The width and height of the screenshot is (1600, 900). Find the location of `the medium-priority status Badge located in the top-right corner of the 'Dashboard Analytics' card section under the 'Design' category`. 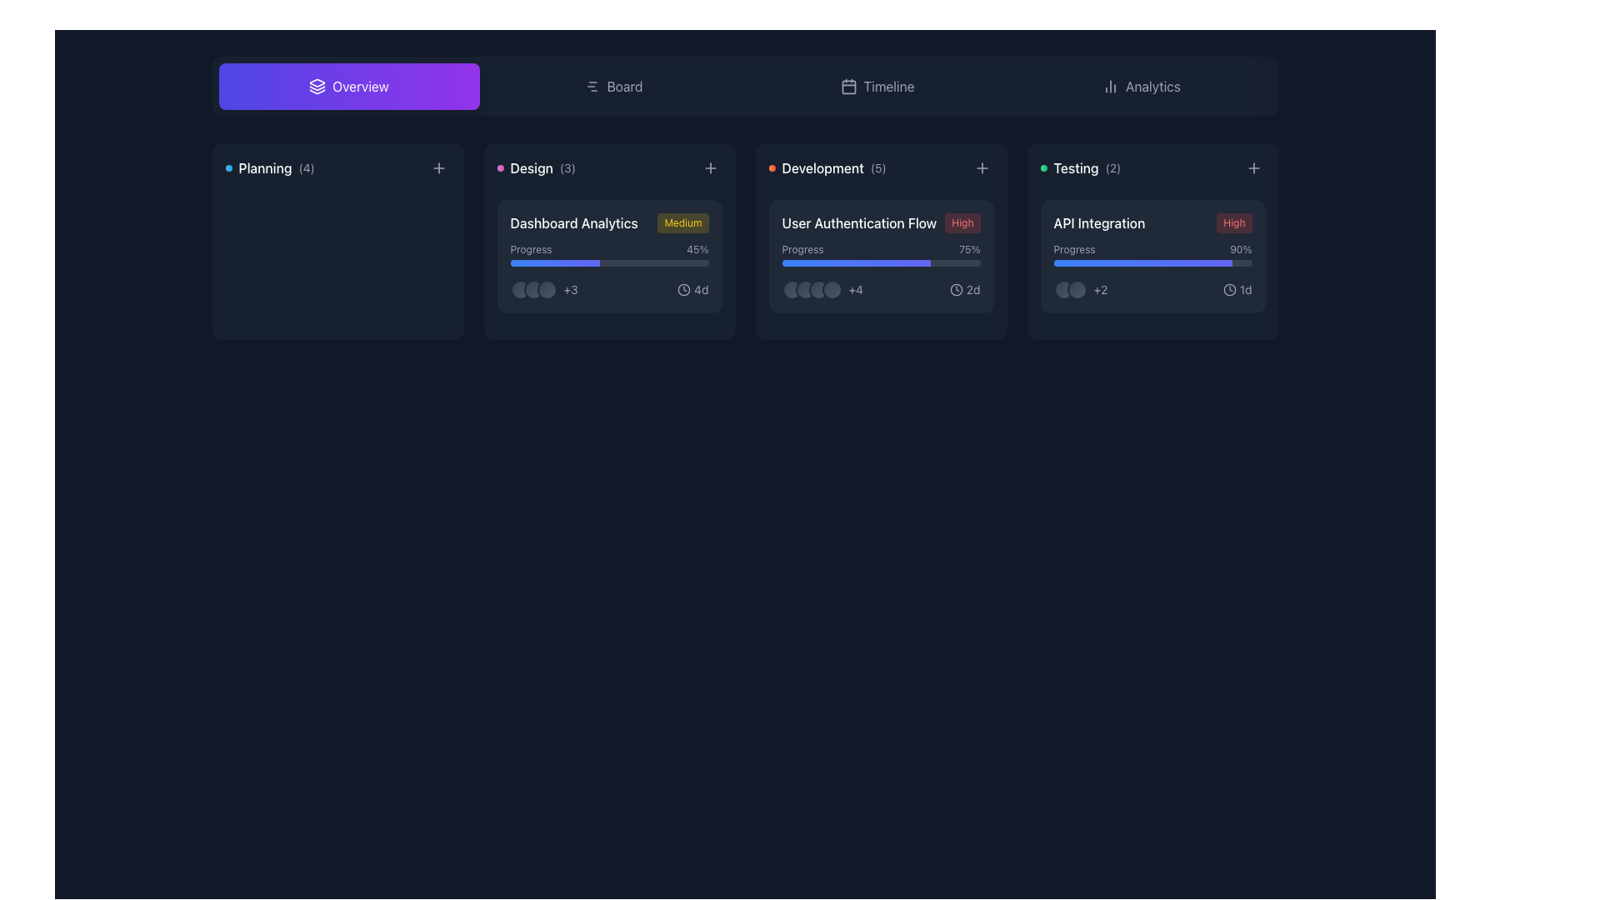

the medium-priority status Badge located in the top-right corner of the 'Dashboard Analytics' card section under the 'Design' category is located at coordinates (683, 222).